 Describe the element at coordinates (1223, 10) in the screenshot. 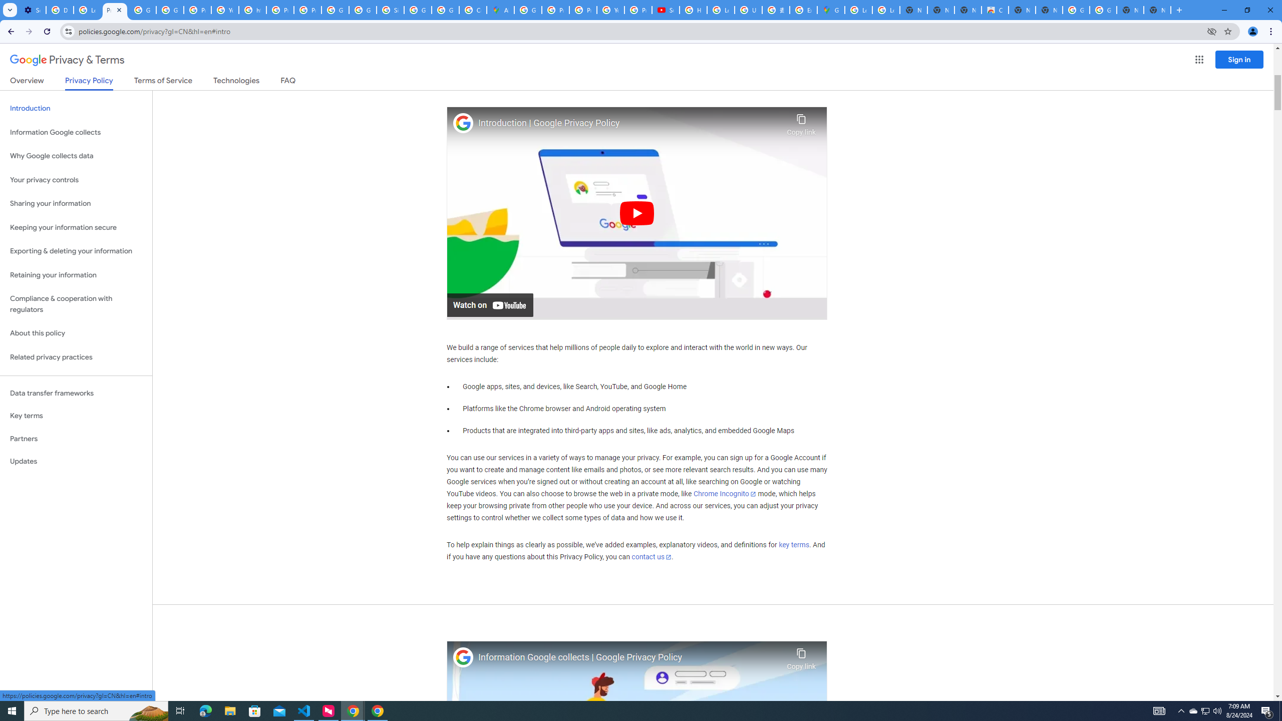

I see `'Minimize'` at that location.